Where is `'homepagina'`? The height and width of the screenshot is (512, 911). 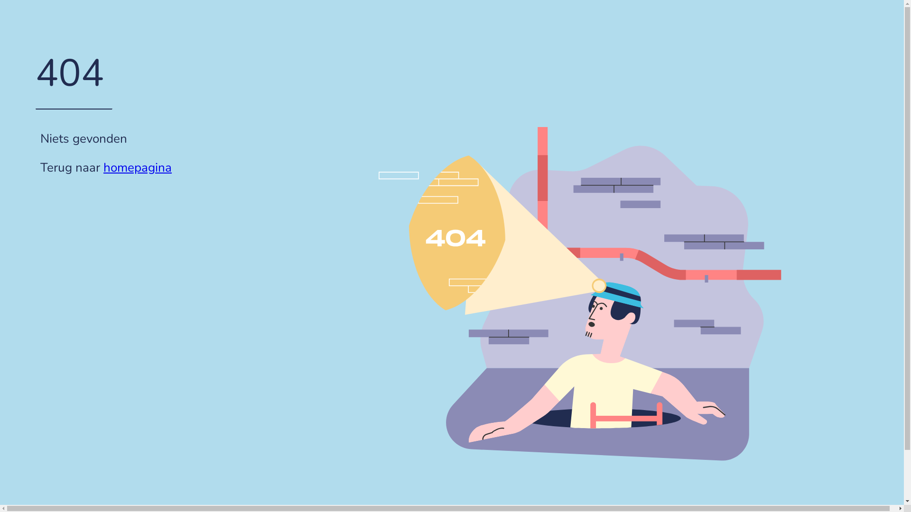 'homepagina' is located at coordinates (137, 167).